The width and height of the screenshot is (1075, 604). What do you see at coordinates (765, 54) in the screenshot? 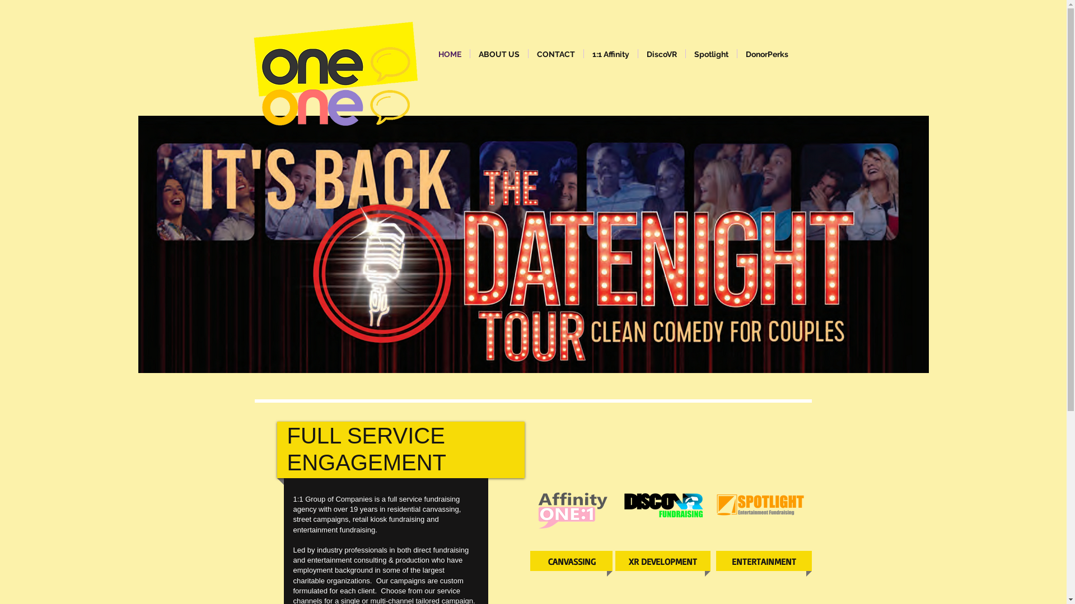
I see `'DonorPerks'` at bounding box center [765, 54].